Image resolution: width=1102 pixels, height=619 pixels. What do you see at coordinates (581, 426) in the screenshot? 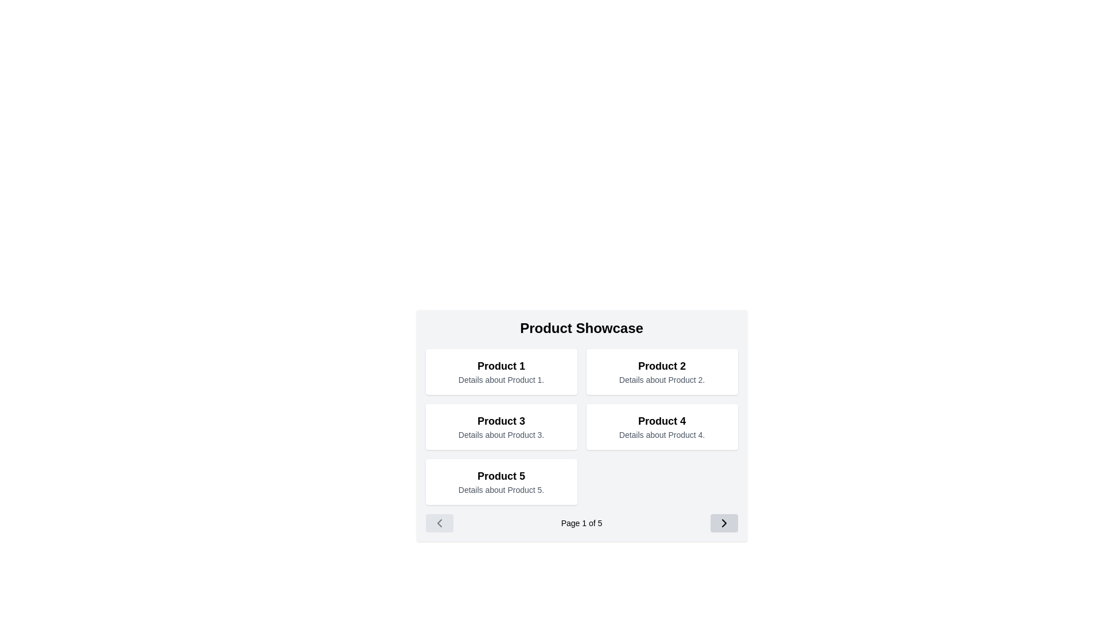
I see `a product card within the Grid displaying product cards` at bounding box center [581, 426].